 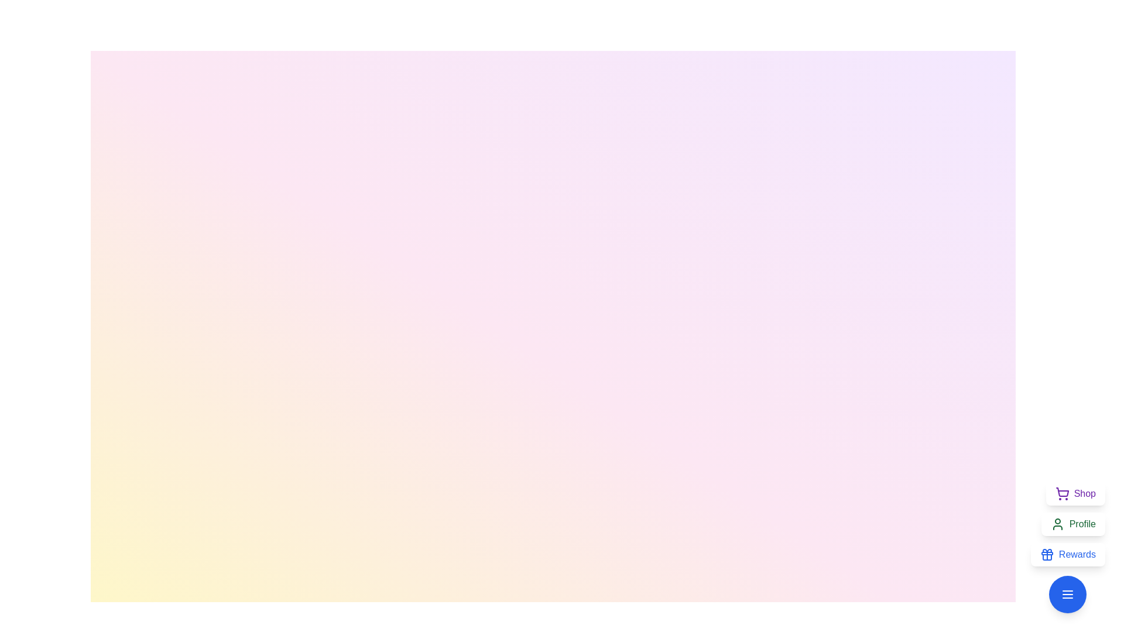 What do you see at coordinates (1068, 594) in the screenshot?
I see `the blue circular button containing the menu icon at the bottom-right corner` at bounding box center [1068, 594].